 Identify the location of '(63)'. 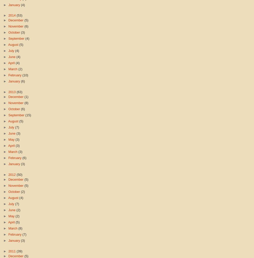
(16, 91).